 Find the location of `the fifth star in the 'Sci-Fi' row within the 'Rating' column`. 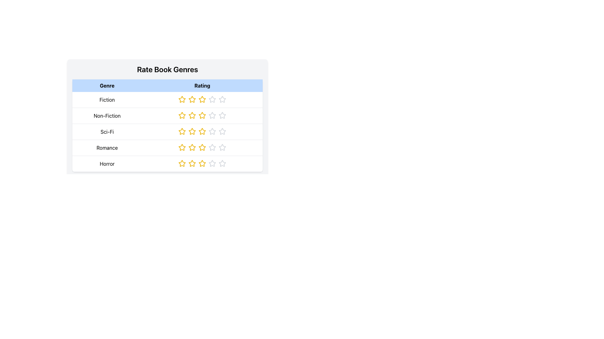

the fifth star in the 'Sci-Fi' row within the 'Rating' column is located at coordinates (222, 131).